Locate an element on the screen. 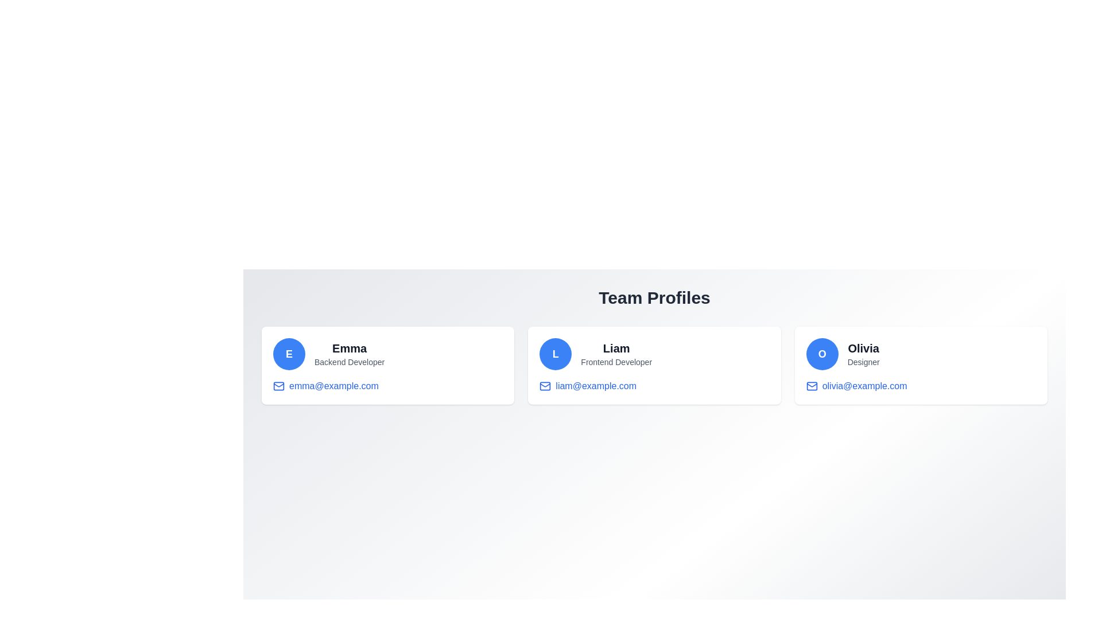 This screenshot has height=619, width=1102. the email icon resembling an envelope located on Olivia's profile card in the Team Profiles section by moving the cursor to the center of the icon is located at coordinates (811, 386).